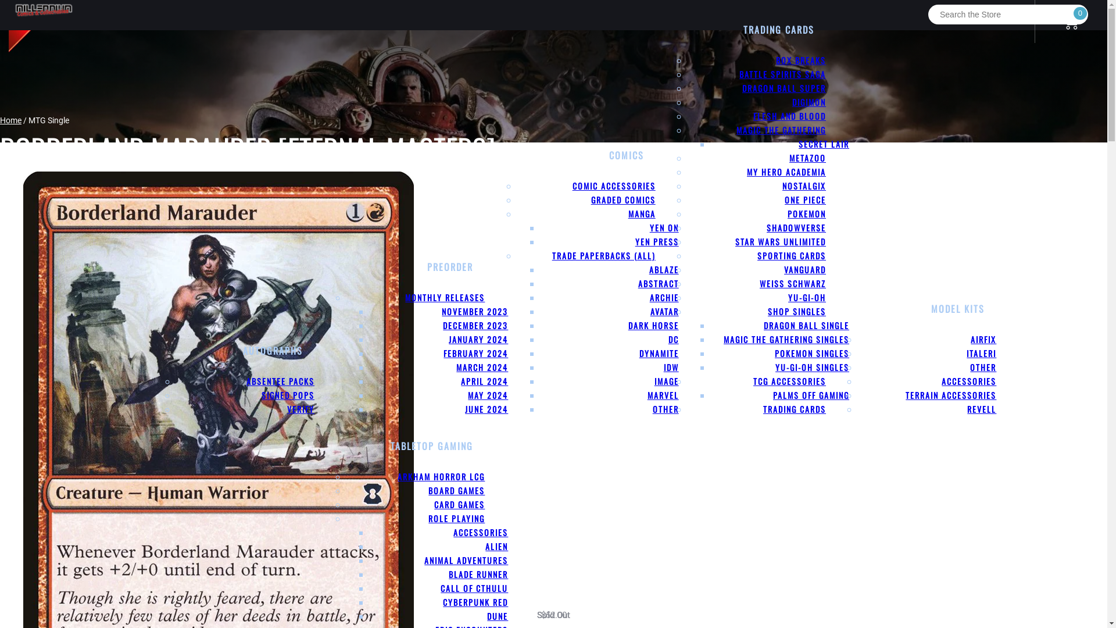  What do you see at coordinates (649, 269) in the screenshot?
I see `'ABLAZE'` at bounding box center [649, 269].